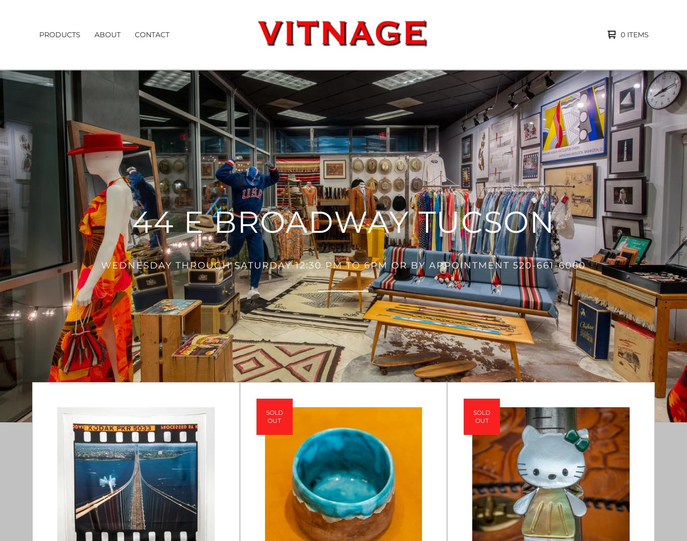 The width and height of the screenshot is (687, 541). Describe the element at coordinates (41, 75) in the screenshot. I see `'Vintage Boots'` at that location.